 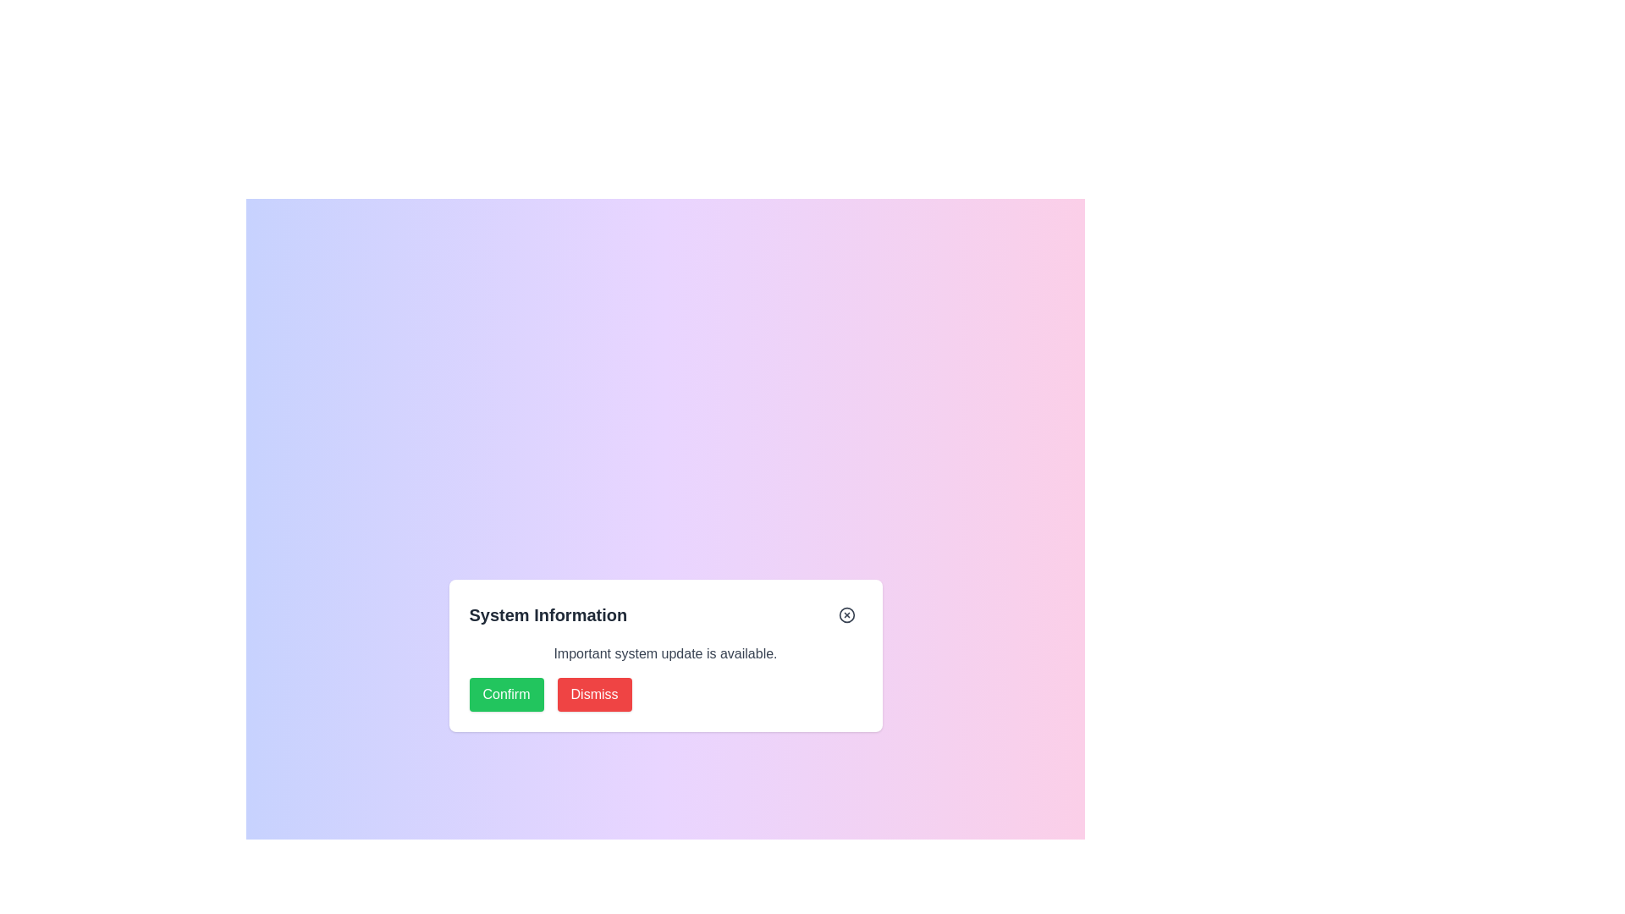 I want to click on the close button located in the top-right corner of the 'System Information' panel to trigger the hover effect, so click(x=846, y=614).